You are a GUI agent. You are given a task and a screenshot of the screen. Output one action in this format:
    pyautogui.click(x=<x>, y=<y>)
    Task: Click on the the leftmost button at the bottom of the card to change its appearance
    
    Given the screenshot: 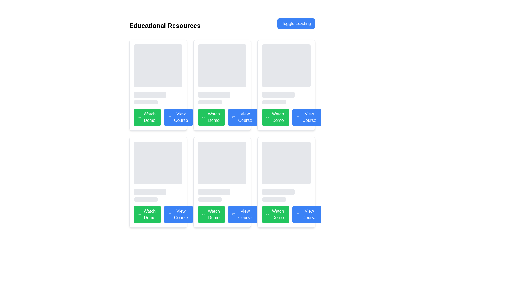 What is the action you would take?
    pyautogui.click(x=286, y=214)
    